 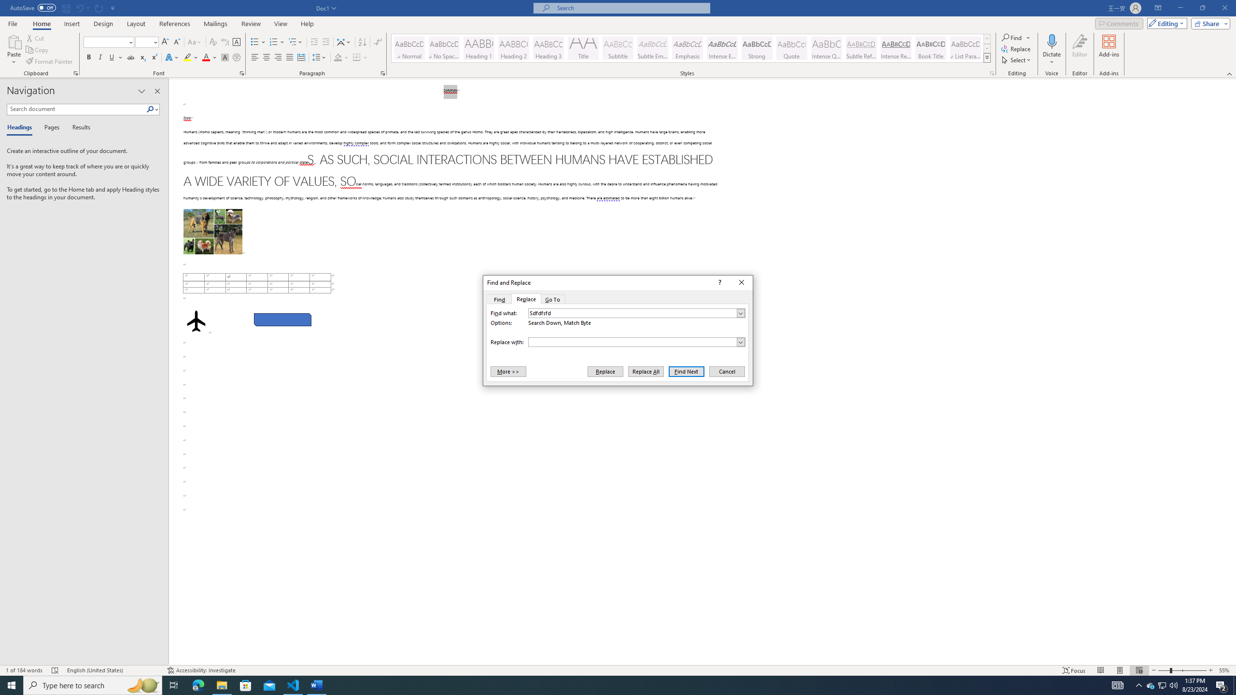 What do you see at coordinates (224, 42) in the screenshot?
I see `'Phonetic Guide...'` at bounding box center [224, 42].